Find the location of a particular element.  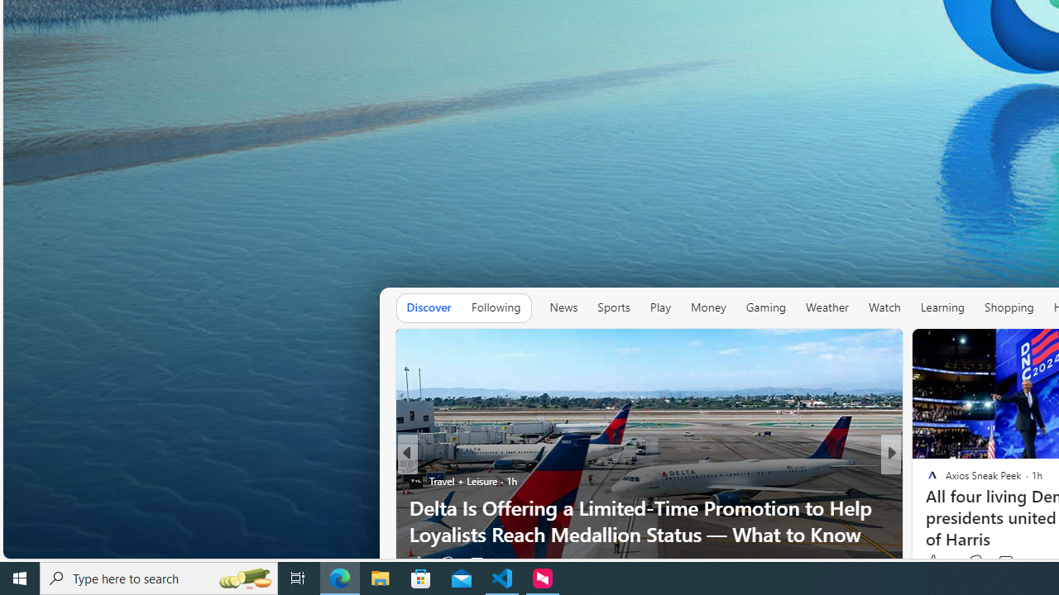

'Learning' is located at coordinates (942, 307).